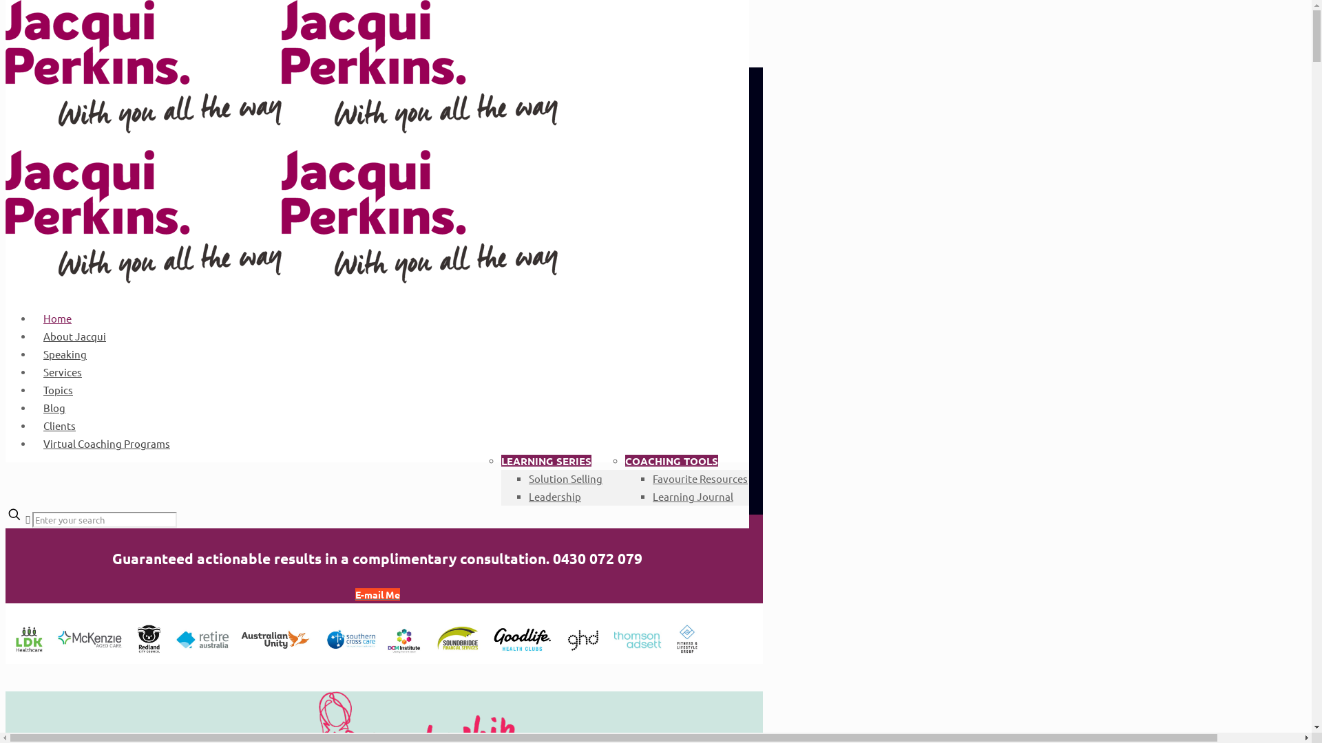 This screenshot has width=1322, height=743. I want to click on 'Speaking', so click(33, 353).